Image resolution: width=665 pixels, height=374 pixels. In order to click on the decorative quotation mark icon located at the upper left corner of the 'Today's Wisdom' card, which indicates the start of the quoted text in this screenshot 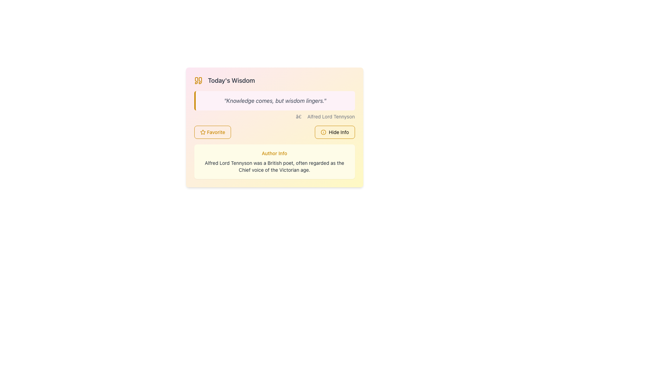, I will do `click(196, 80)`.